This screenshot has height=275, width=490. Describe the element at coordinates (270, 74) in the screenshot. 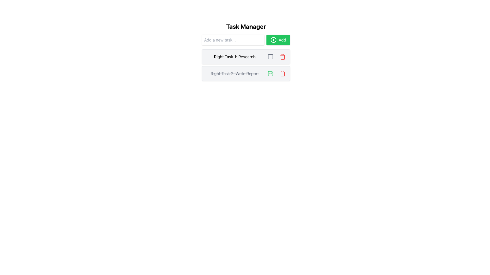

I see `the green-framed checkbox with a tick mark inside` at that location.